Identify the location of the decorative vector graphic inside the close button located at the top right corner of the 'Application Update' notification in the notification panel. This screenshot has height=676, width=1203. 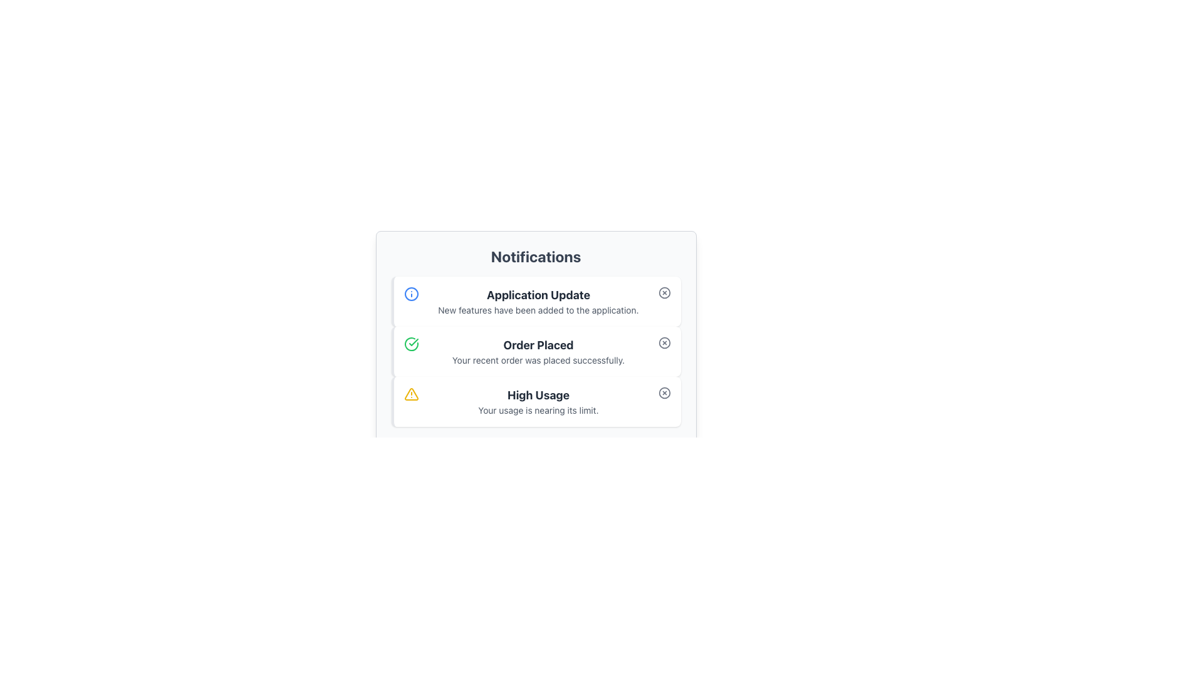
(664, 292).